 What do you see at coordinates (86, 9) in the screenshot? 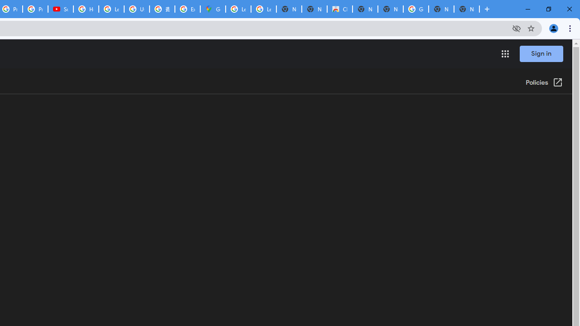
I see `'How Chrome protects your passwords - Google Chrome Help'` at bounding box center [86, 9].